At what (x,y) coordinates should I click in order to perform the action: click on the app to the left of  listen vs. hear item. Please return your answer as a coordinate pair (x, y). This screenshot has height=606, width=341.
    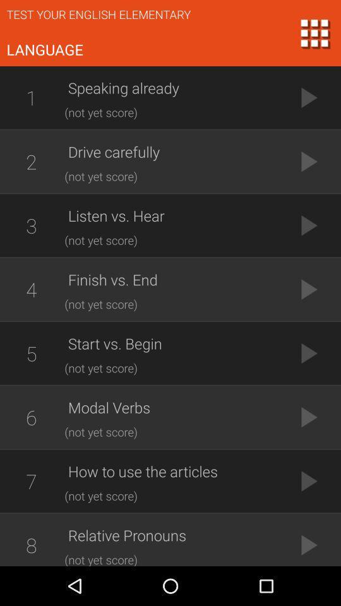
    Looking at the image, I should click on (31, 225).